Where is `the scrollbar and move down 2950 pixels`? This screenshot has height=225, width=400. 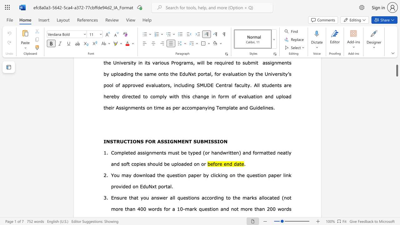
the scrollbar and move down 2950 pixels is located at coordinates (397, 68).